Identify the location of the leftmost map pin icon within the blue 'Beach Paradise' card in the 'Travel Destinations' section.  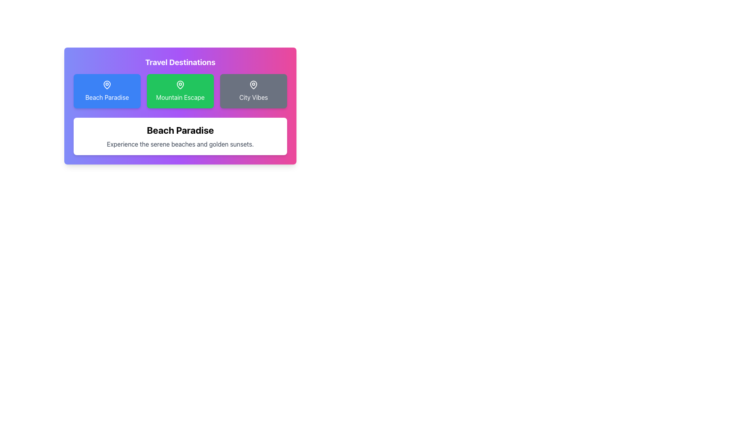
(106, 84).